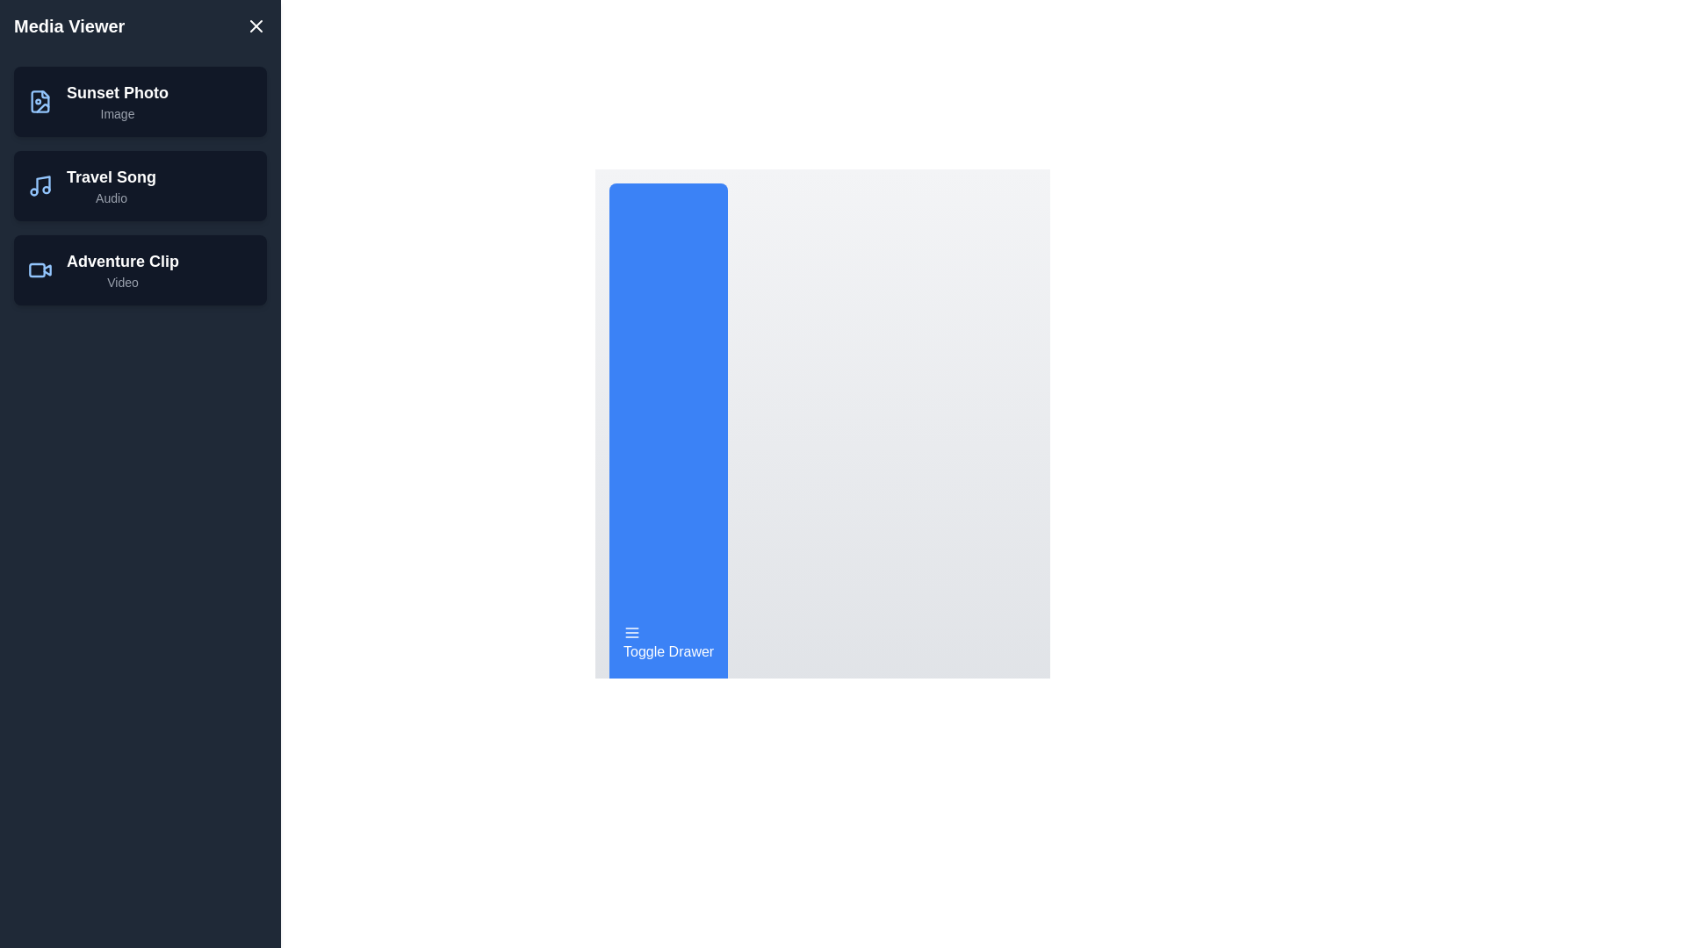 This screenshot has height=948, width=1686. I want to click on the close button to close the media drawer, so click(256, 26).